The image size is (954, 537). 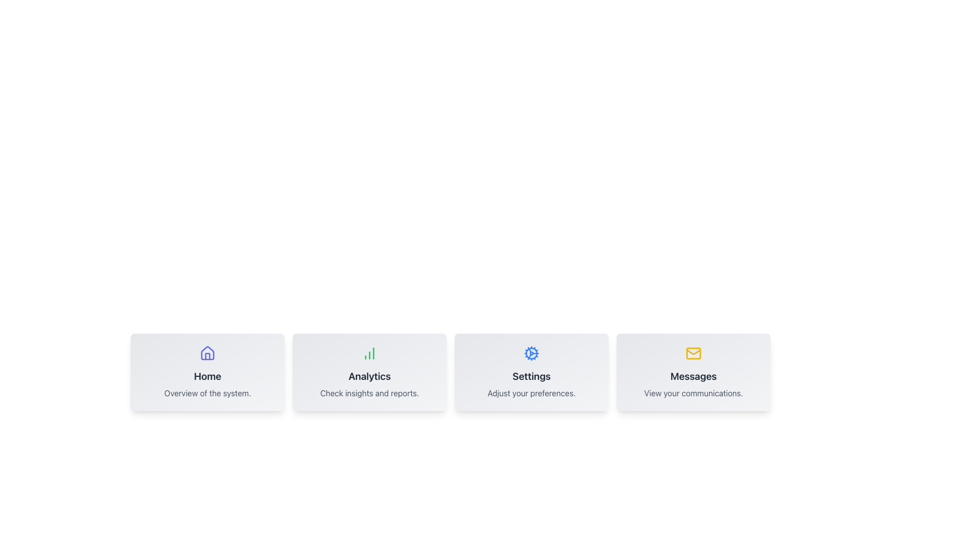 I want to click on the 'Settings' informational card, which features a cogwheel icon at the top and includes the title 'Settings' and a description 'Adjust your preferences.', so click(x=531, y=372).